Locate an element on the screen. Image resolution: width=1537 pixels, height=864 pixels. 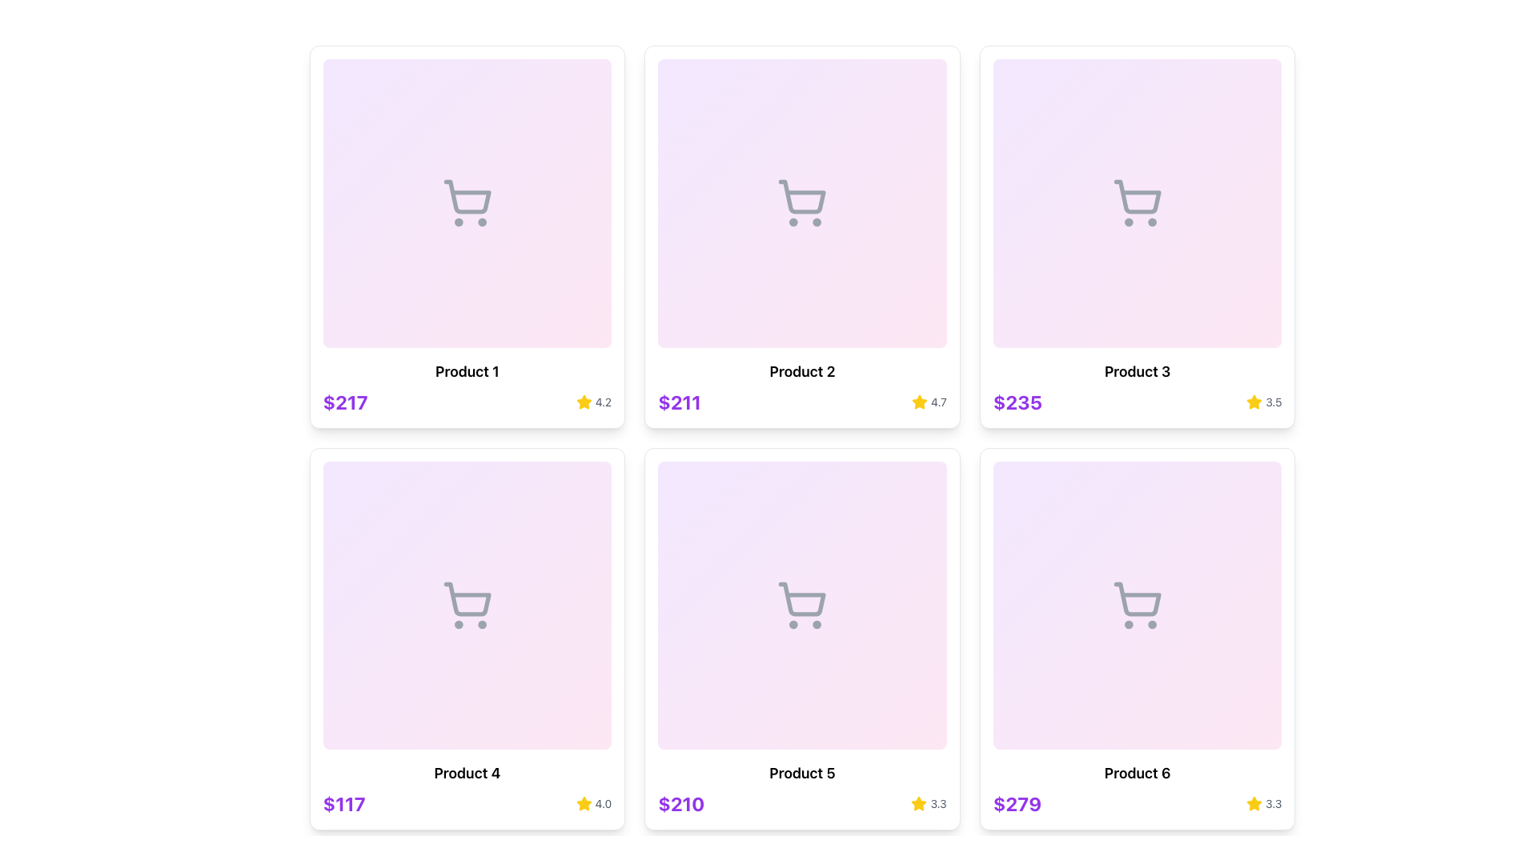
the shopping cart icon located in the second card of the top row of the product grid, which has a gradient background and is labeled 'Product 2' is located at coordinates (802, 202).